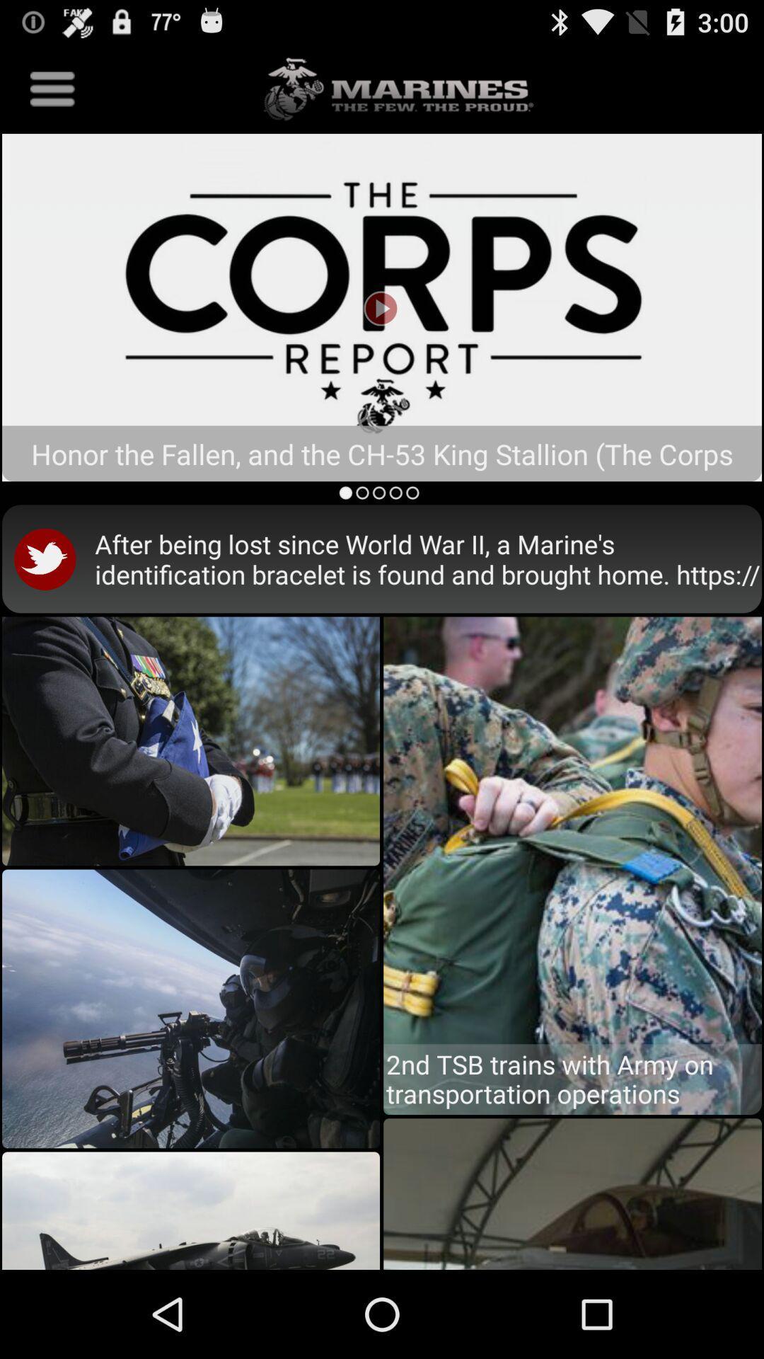 The image size is (764, 1359). Describe the element at coordinates (382, 306) in the screenshot. I see `the pause icon` at that location.